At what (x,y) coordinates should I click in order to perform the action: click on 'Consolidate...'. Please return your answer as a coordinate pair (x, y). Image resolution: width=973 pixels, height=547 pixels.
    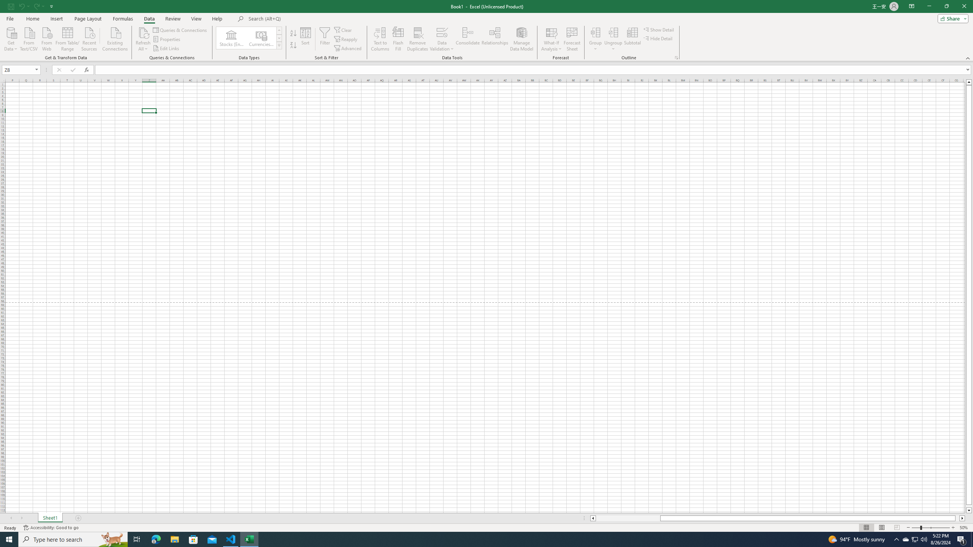
    Looking at the image, I should click on (468, 39).